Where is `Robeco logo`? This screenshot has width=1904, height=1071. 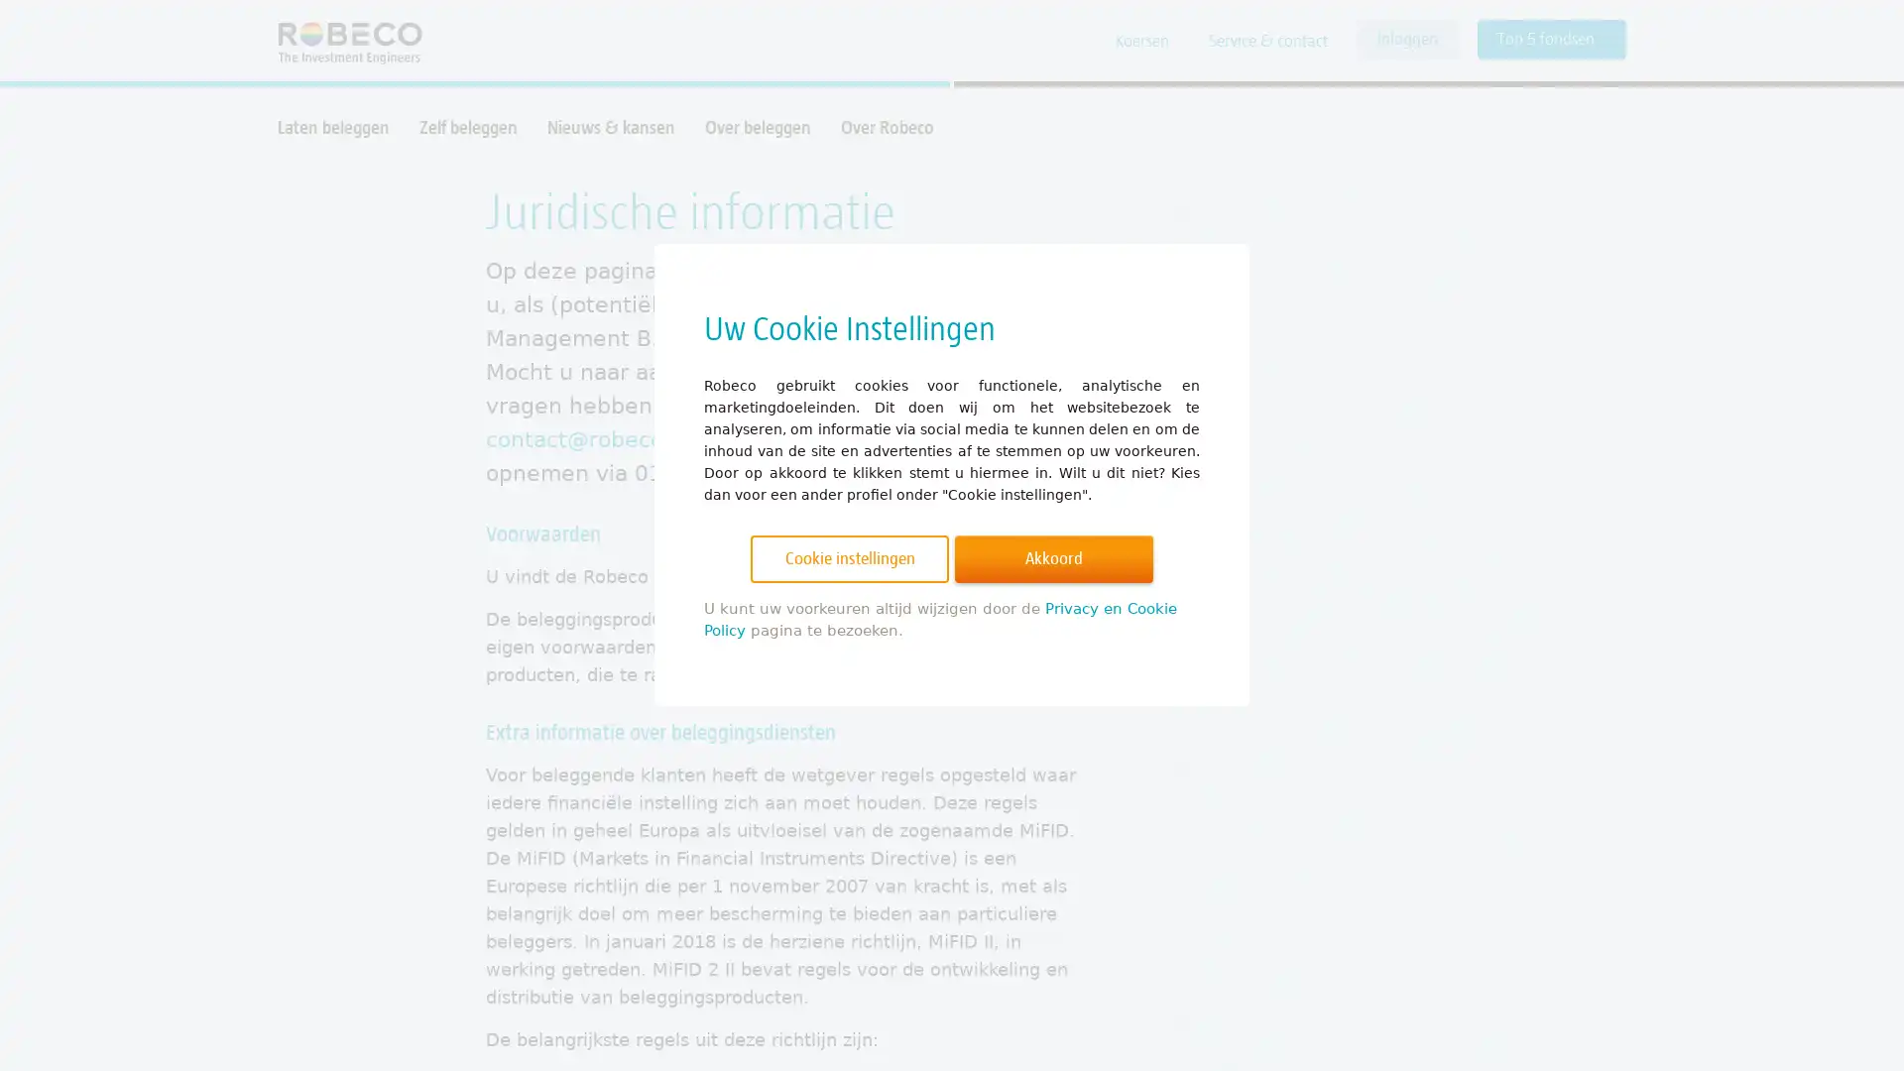
Robeco logo is located at coordinates (340, 41).